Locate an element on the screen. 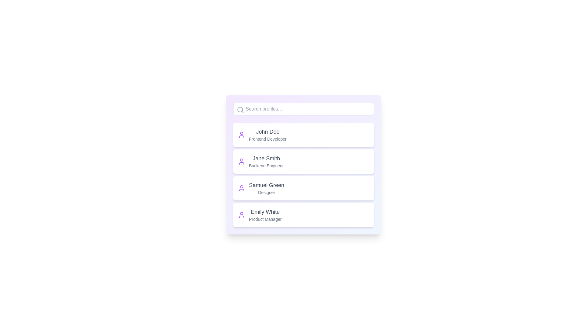  the circular magnifying glass icon by typing in the associated search input field labeled 'Search profiles...' is located at coordinates (240, 110).